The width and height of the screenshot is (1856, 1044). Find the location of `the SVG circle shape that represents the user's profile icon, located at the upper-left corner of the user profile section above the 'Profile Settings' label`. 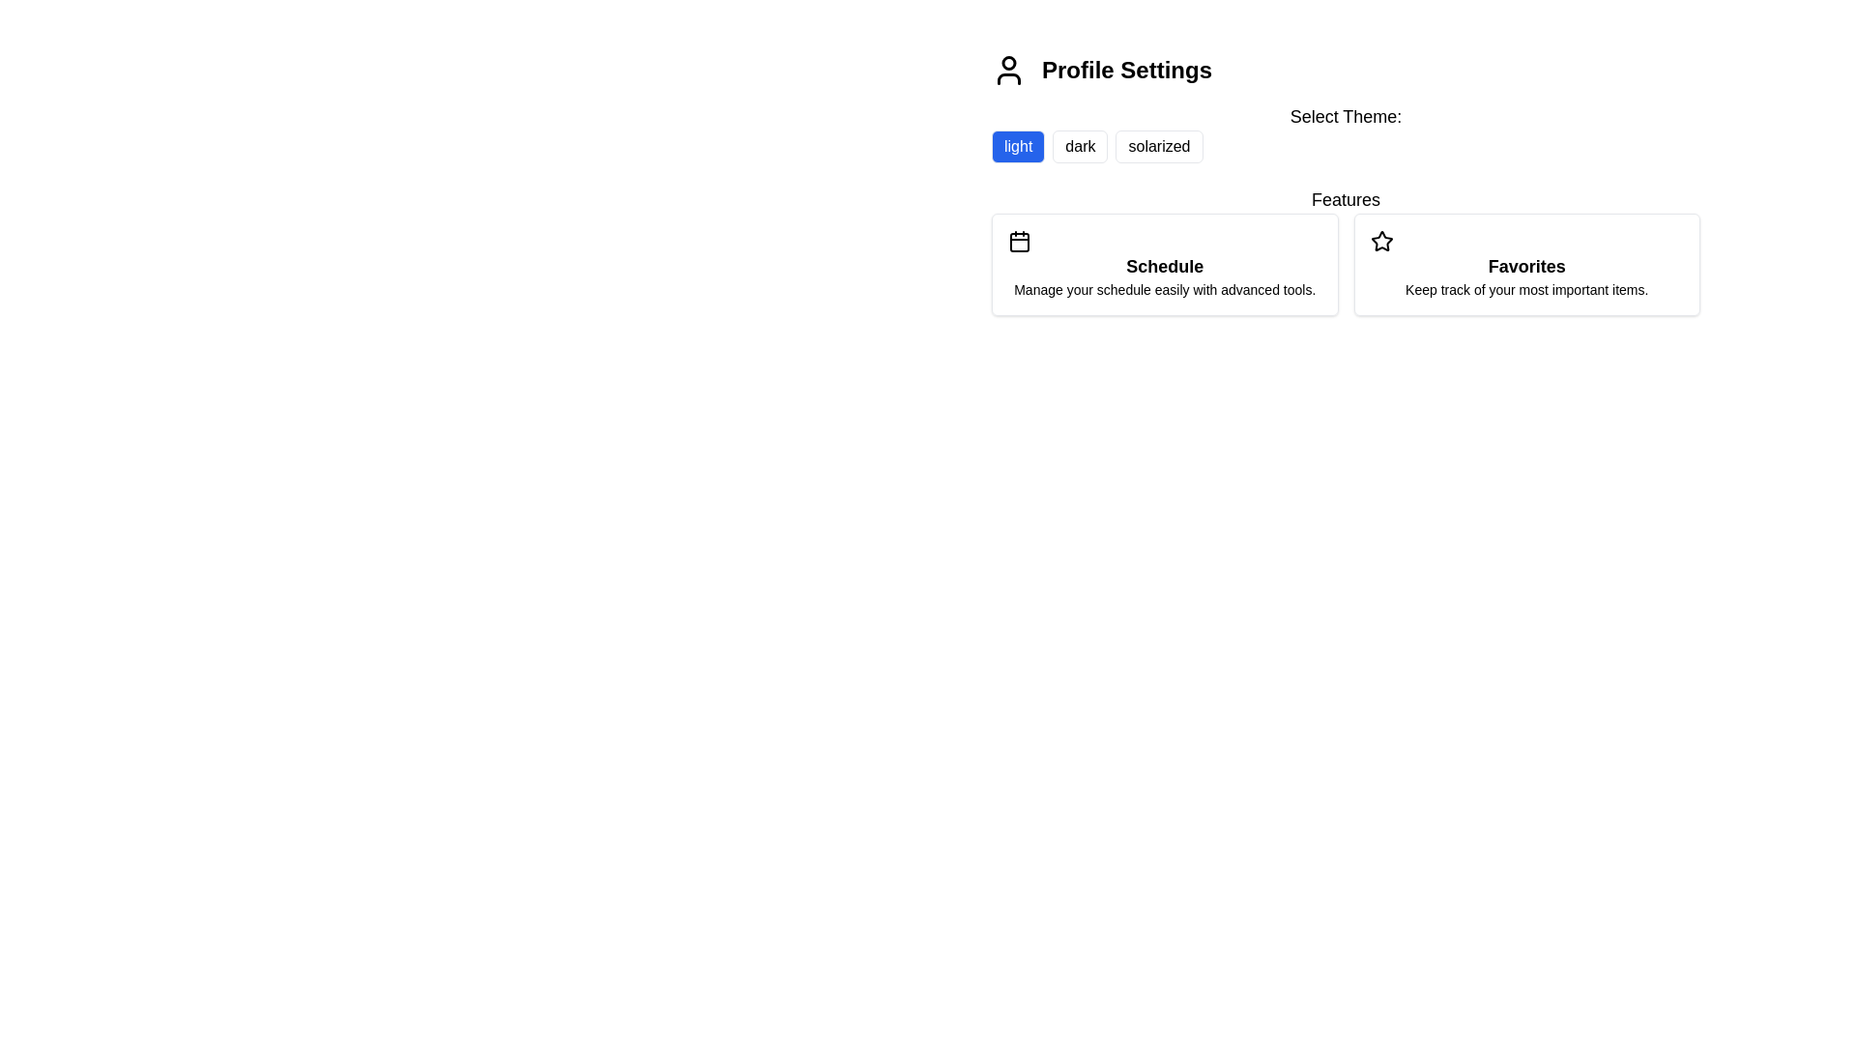

the SVG circle shape that represents the user's profile icon, located at the upper-left corner of the user profile section above the 'Profile Settings' label is located at coordinates (1007, 62).